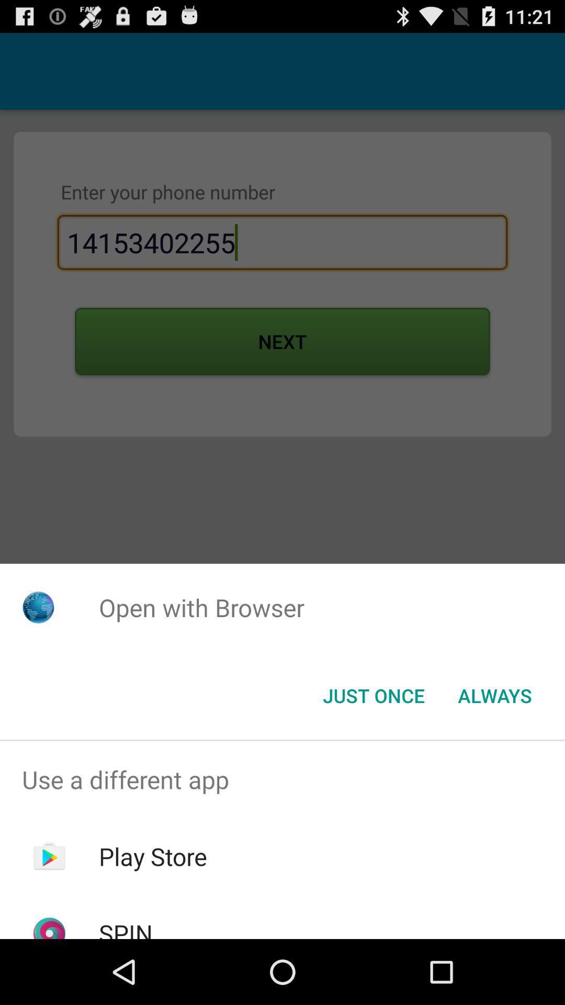  What do you see at coordinates (125, 928) in the screenshot?
I see `item below the play store item` at bounding box center [125, 928].